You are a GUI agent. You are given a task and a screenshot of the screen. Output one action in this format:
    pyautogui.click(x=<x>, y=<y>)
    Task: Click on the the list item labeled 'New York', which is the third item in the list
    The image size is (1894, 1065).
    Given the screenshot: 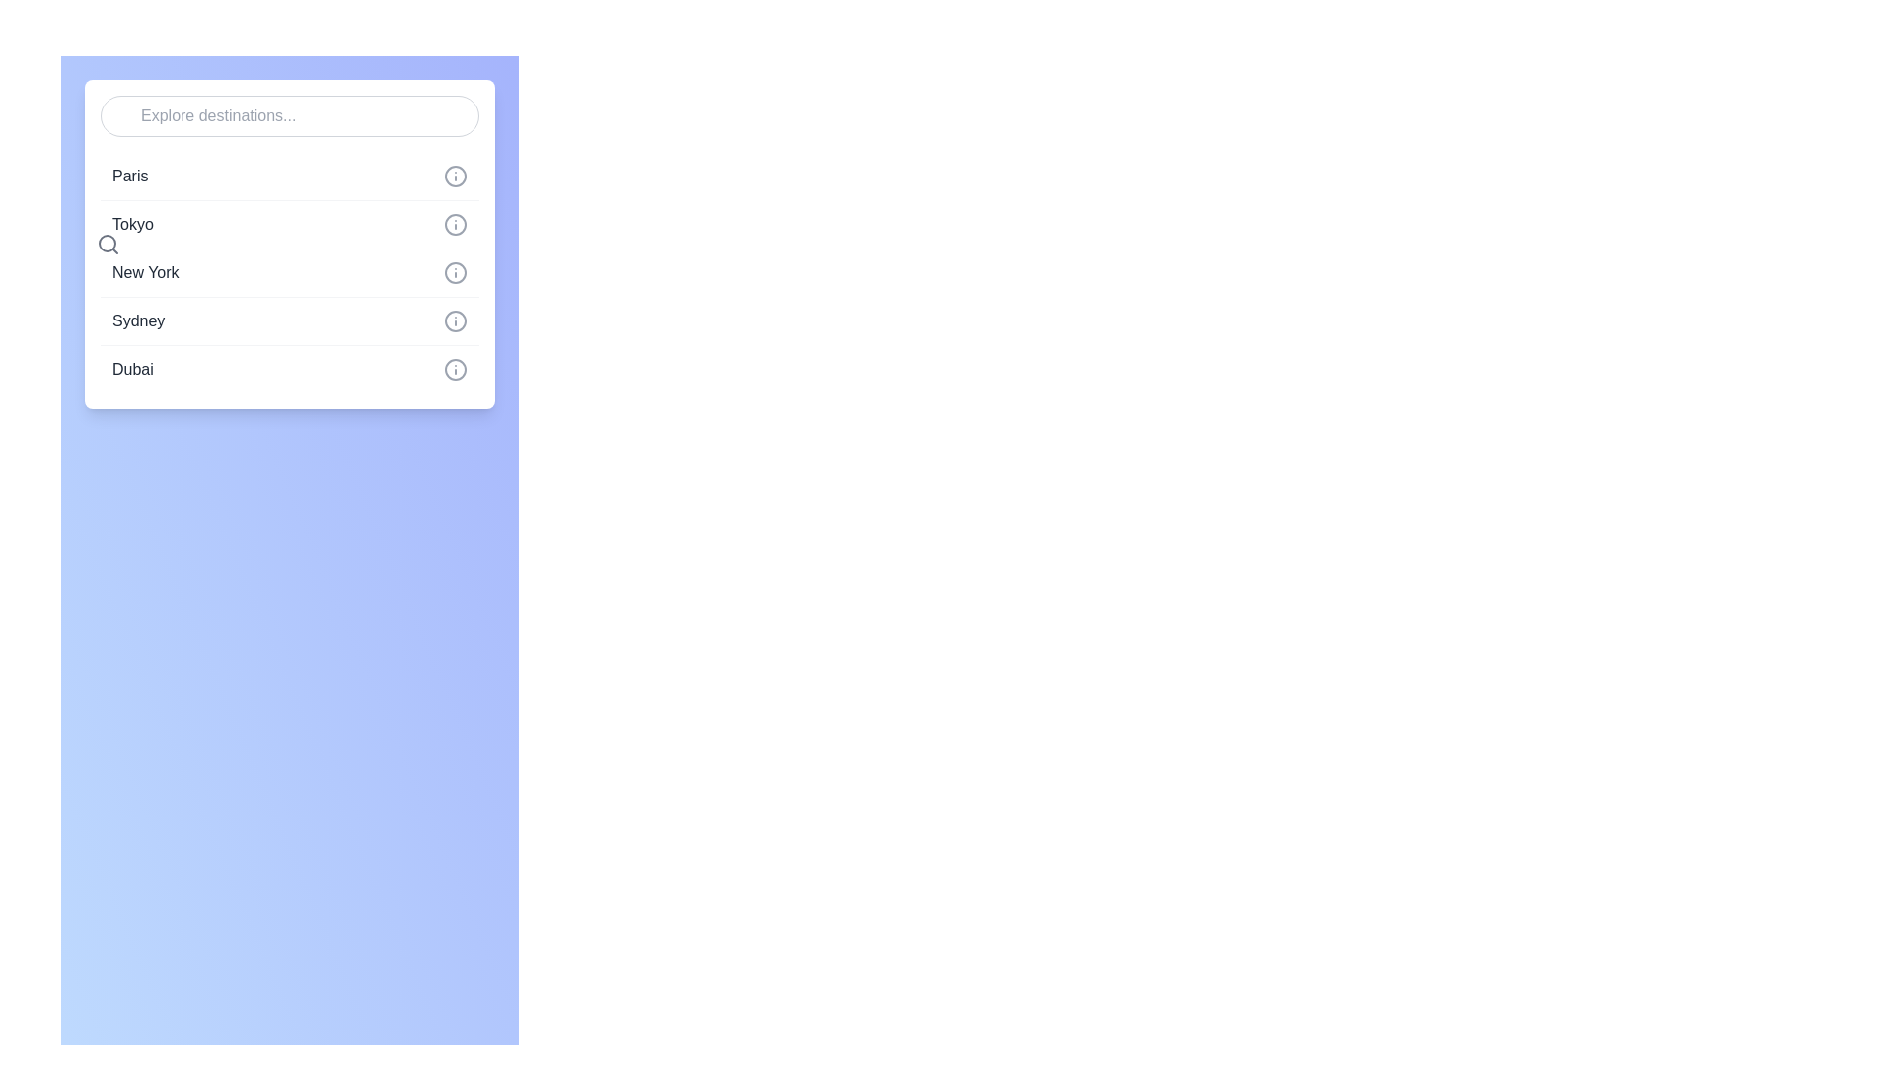 What is the action you would take?
    pyautogui.click(x=288, y=272)
    